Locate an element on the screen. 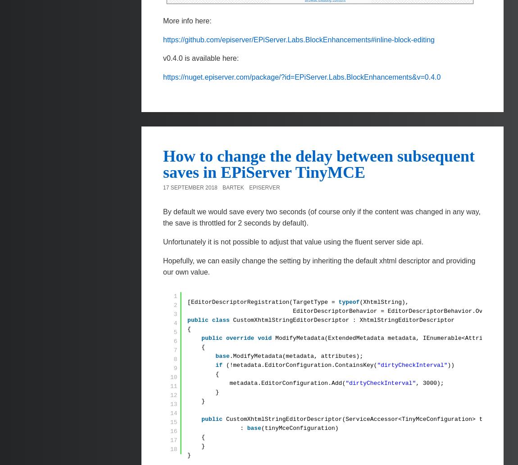  'v0.4.0 is available here:' is located at coordinates (200, 58).